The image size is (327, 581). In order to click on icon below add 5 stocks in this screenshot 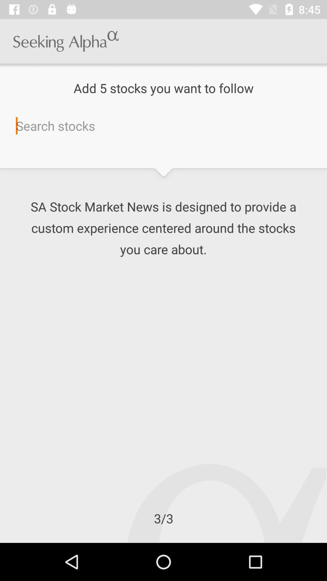, I will do `click(163, 125)`.